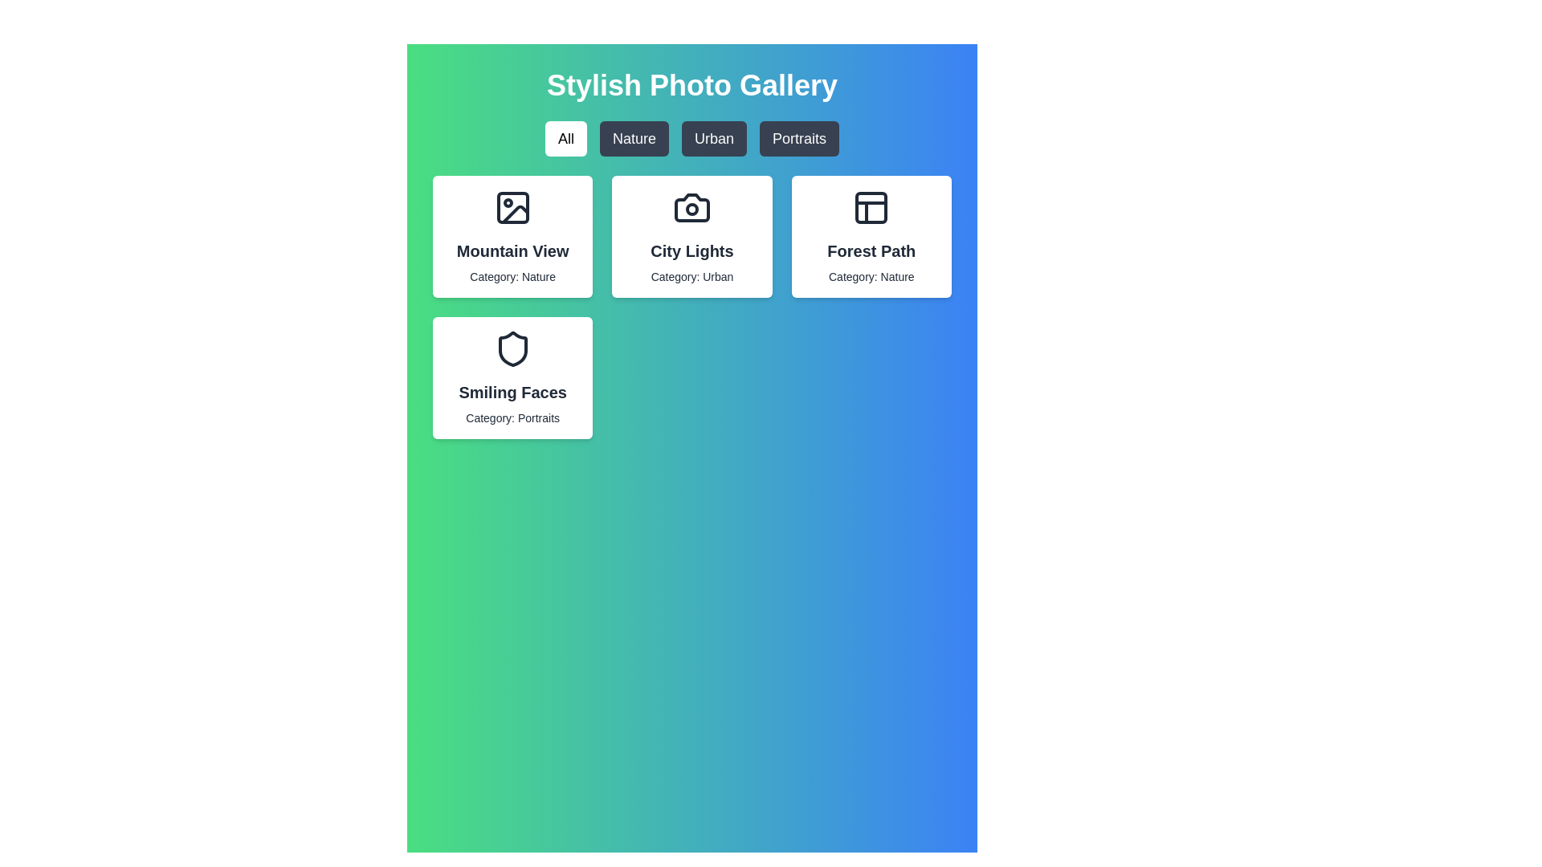 Image resolution: width=1542 pixels, height=867 pixels. Describe the element at coordinates (713, 138) in the screenshot. I see `the 'Urban' filter button located below the 'Stylish Photo Gallery' title to filter the displayed items in the gallery` at that location.